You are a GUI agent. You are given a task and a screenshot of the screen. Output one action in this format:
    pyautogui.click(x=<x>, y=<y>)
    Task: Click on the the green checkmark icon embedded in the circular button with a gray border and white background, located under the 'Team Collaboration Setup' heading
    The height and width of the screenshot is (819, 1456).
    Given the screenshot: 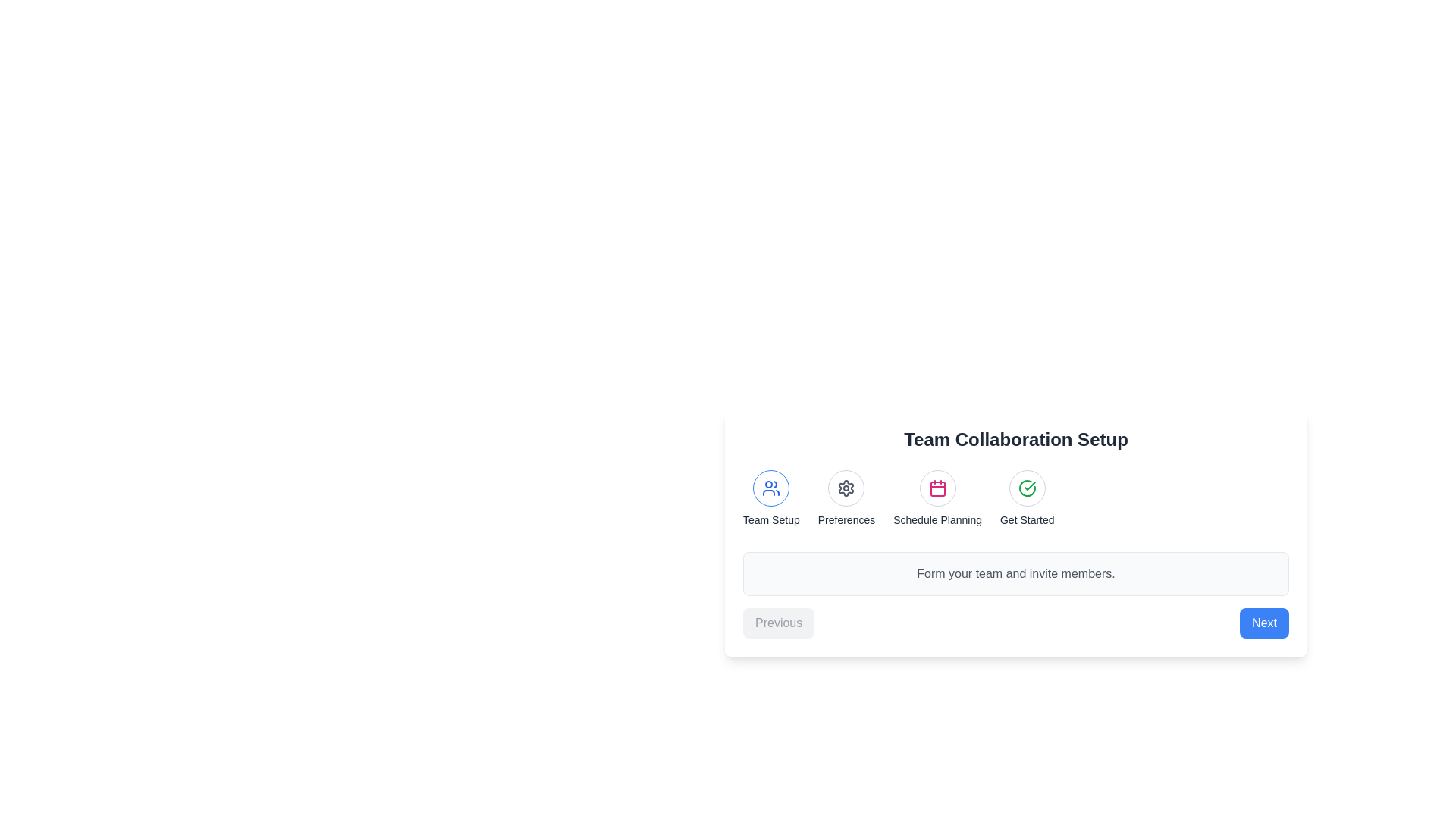 What is the action you would take?
    pyautogui.click(x=1027, y=488)
    